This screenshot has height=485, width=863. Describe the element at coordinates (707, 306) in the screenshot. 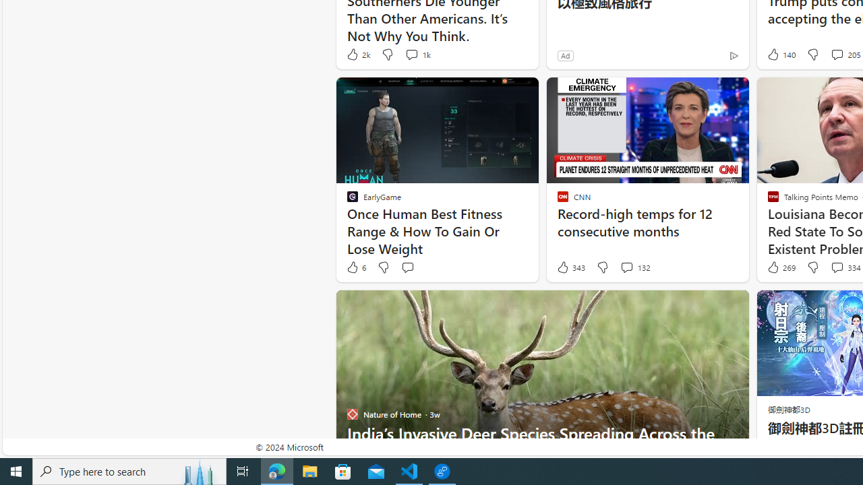

I see `'Hide this story'` at that location.